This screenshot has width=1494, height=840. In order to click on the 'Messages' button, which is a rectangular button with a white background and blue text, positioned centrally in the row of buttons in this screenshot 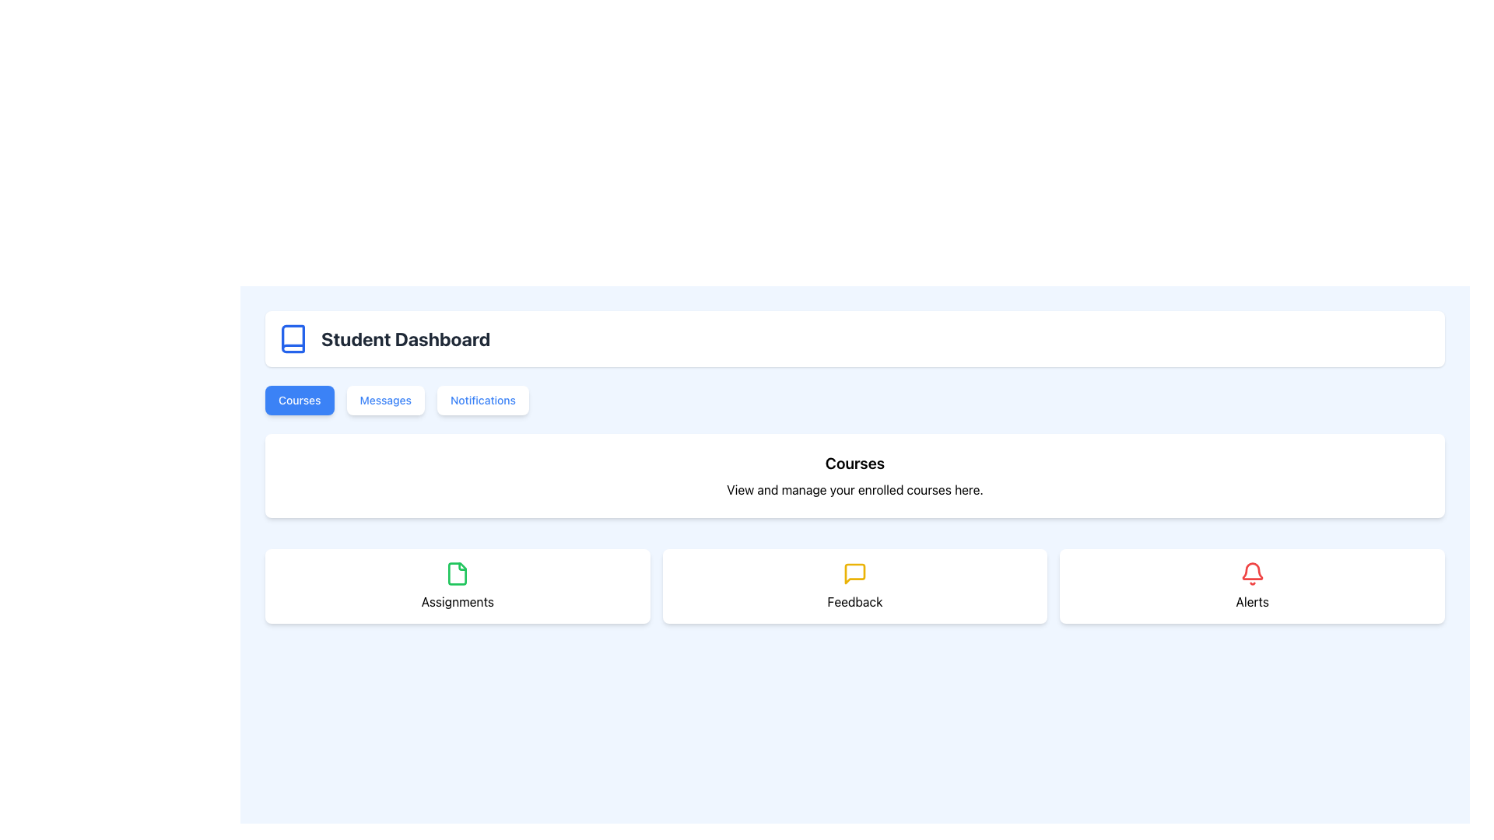, I will do `click(385, 400)`.